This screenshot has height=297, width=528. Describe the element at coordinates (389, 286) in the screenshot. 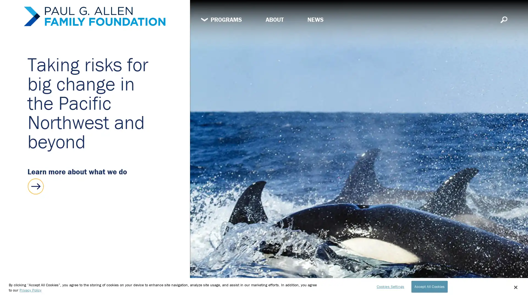

I see `Cookies Settings` at that location.